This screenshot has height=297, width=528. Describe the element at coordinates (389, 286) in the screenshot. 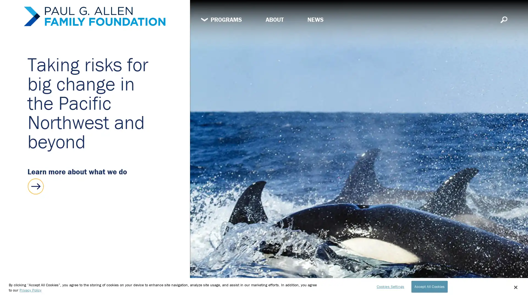

I see `Cookies Settings` at that location.